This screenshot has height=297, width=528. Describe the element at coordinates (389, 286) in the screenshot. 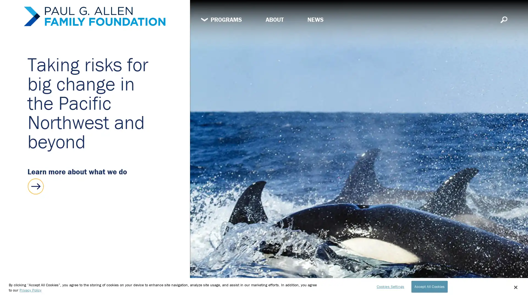

I see `Cookies Settings` at that location.